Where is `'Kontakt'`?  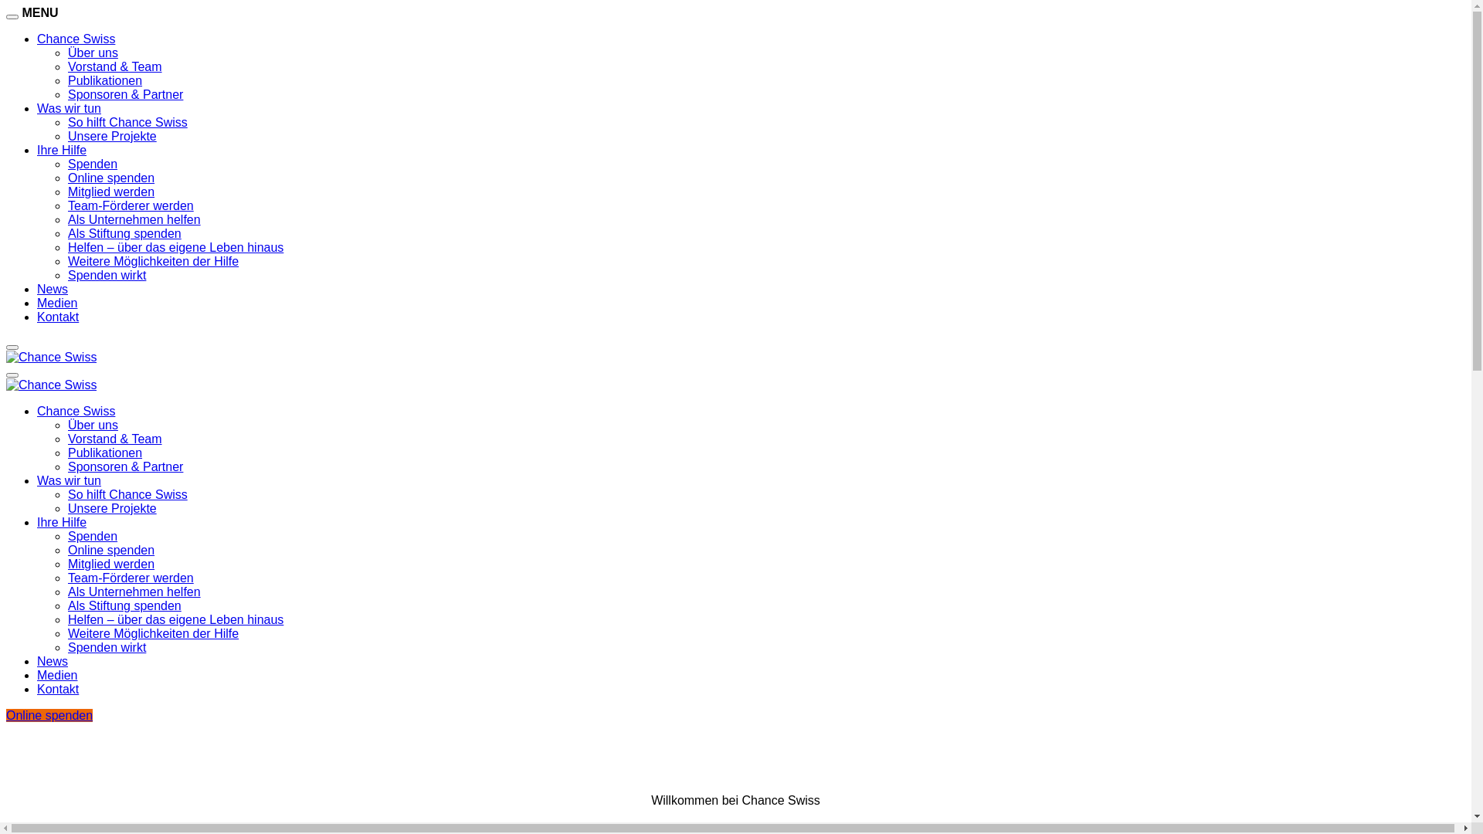
'Kontakt' is located at coordinates (37, 688).